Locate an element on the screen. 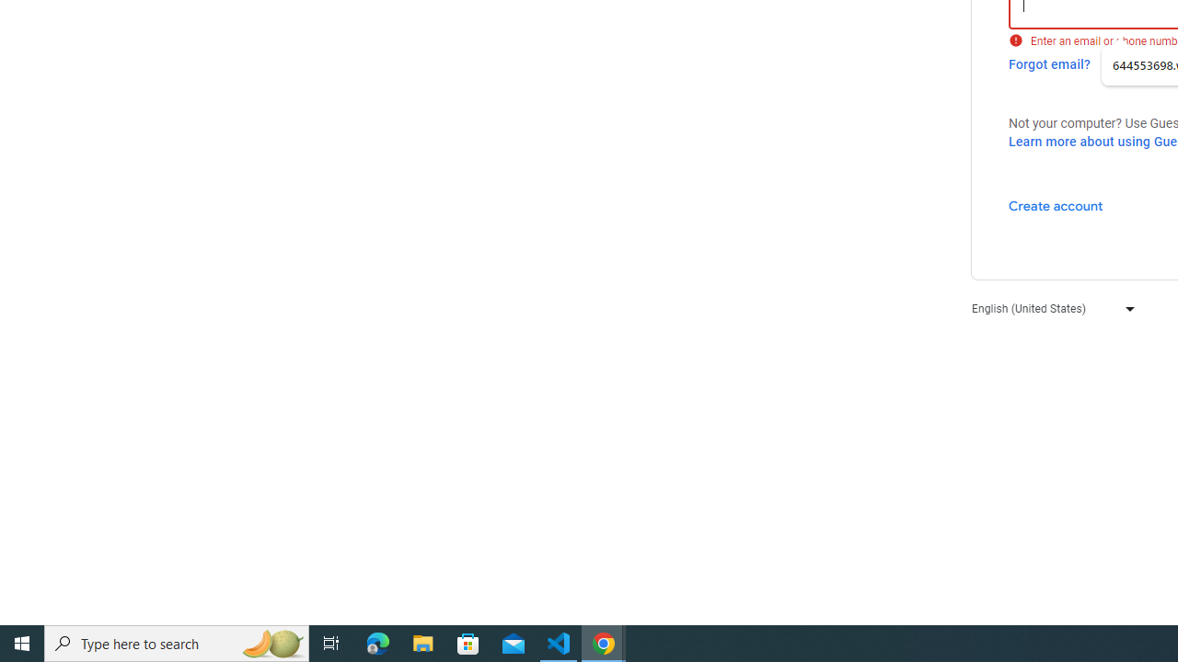 The height and width of the screenshot is (662, 1178). 'Forgot email?' is located at coordinates (1049, 63).